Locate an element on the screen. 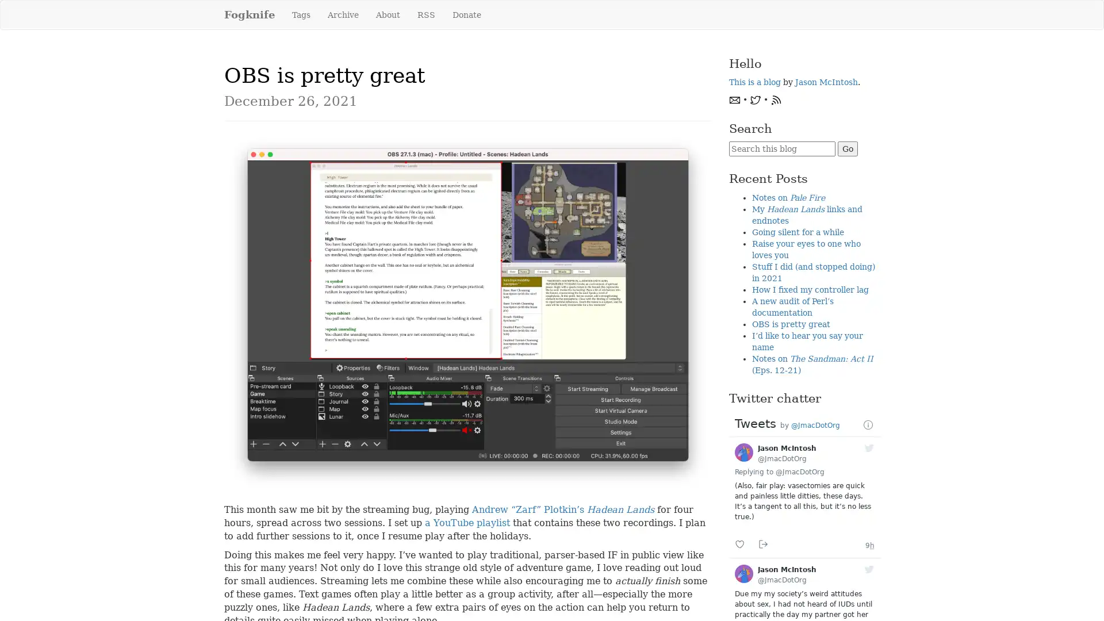  Go is located at coordinates (847, 148).